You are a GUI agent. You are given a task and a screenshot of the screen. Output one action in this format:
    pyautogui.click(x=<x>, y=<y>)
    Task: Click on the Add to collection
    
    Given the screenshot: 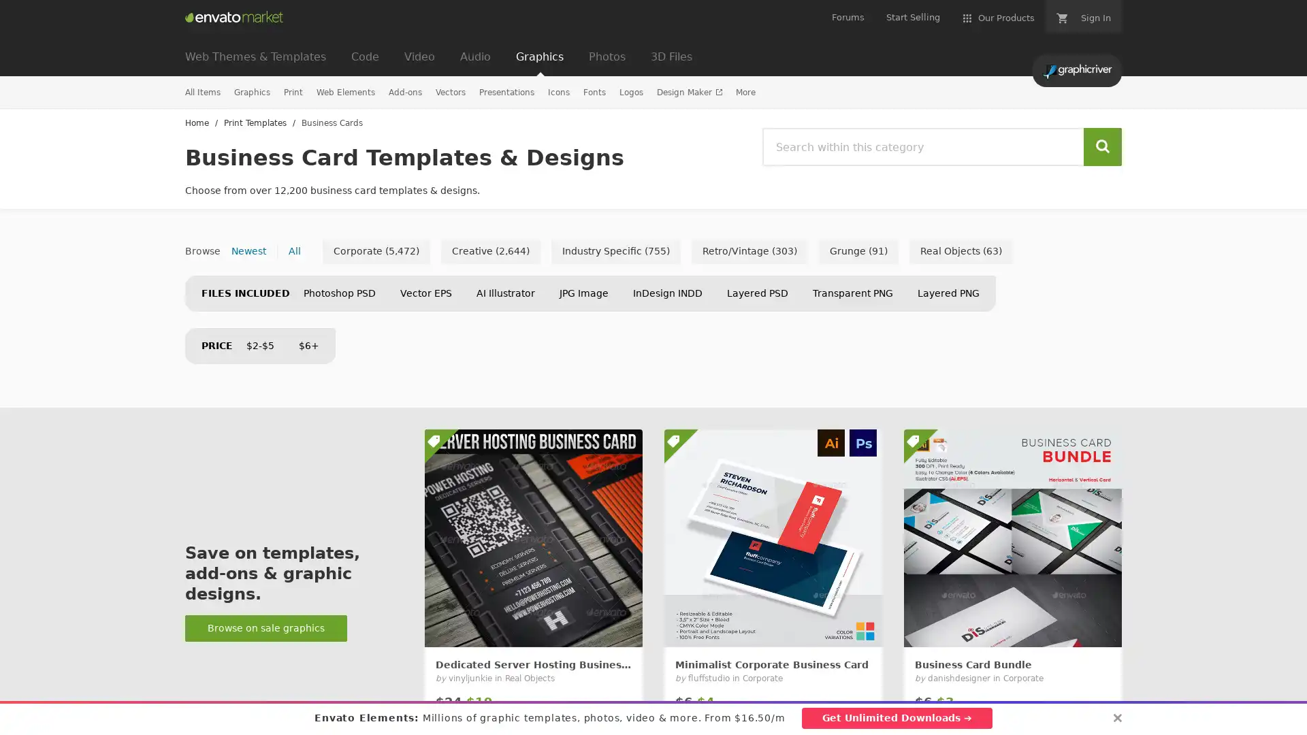 What is the action you would take?
    pyautogui.click(x=828, y=627)
    